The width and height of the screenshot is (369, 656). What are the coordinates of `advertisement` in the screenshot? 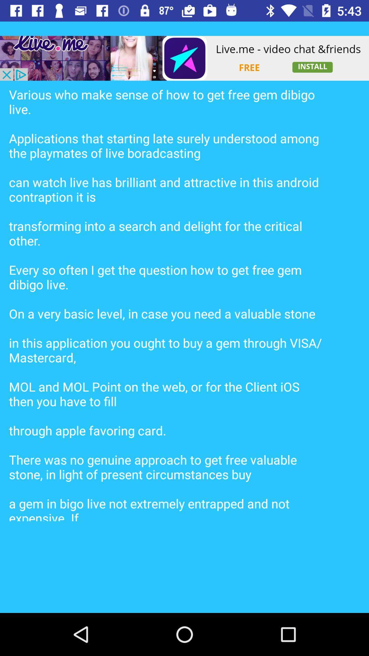 It's located at (184, 58).